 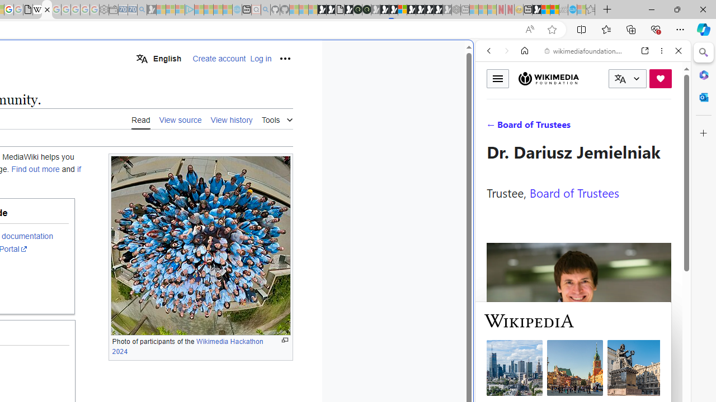 I want to click on 'Services - Maintenance | Sky Blue Bikes - Sky Blue Bikes', so click(x=572, y=9).